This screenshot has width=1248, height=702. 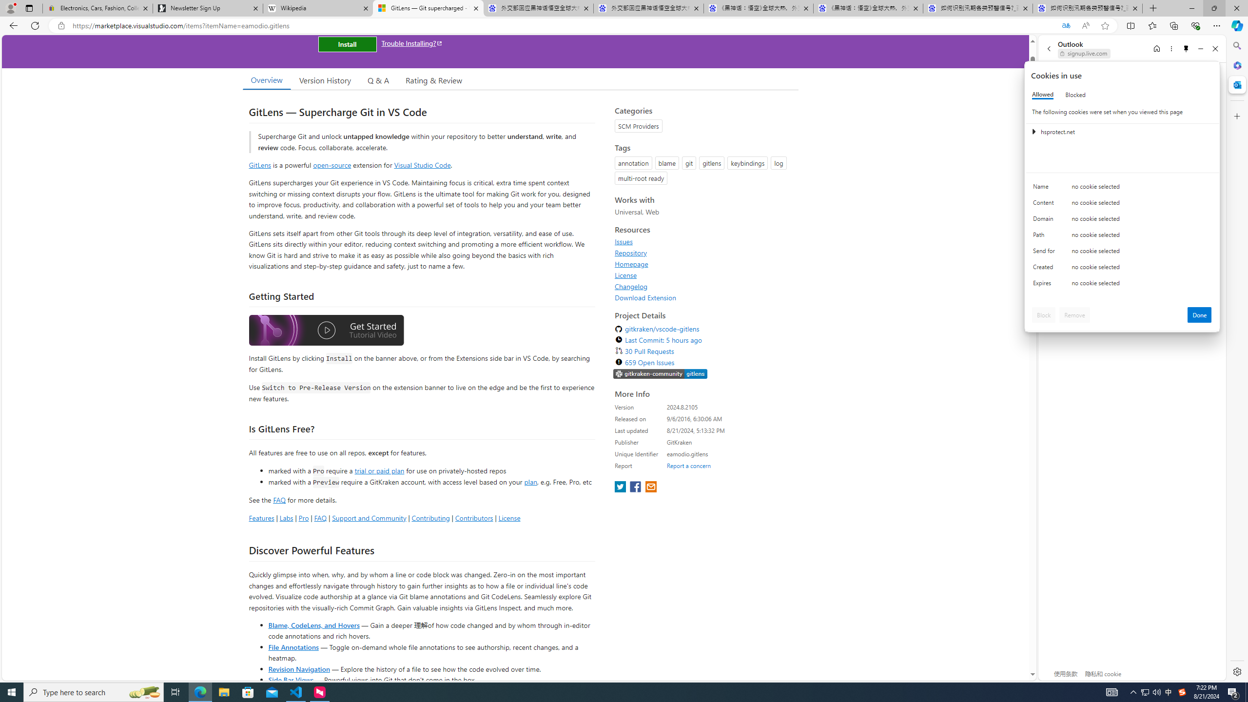 What do you see at coordinates (1045, 188) in the screenshot?
I see `'Name'` at bounding box center [1045, 188].